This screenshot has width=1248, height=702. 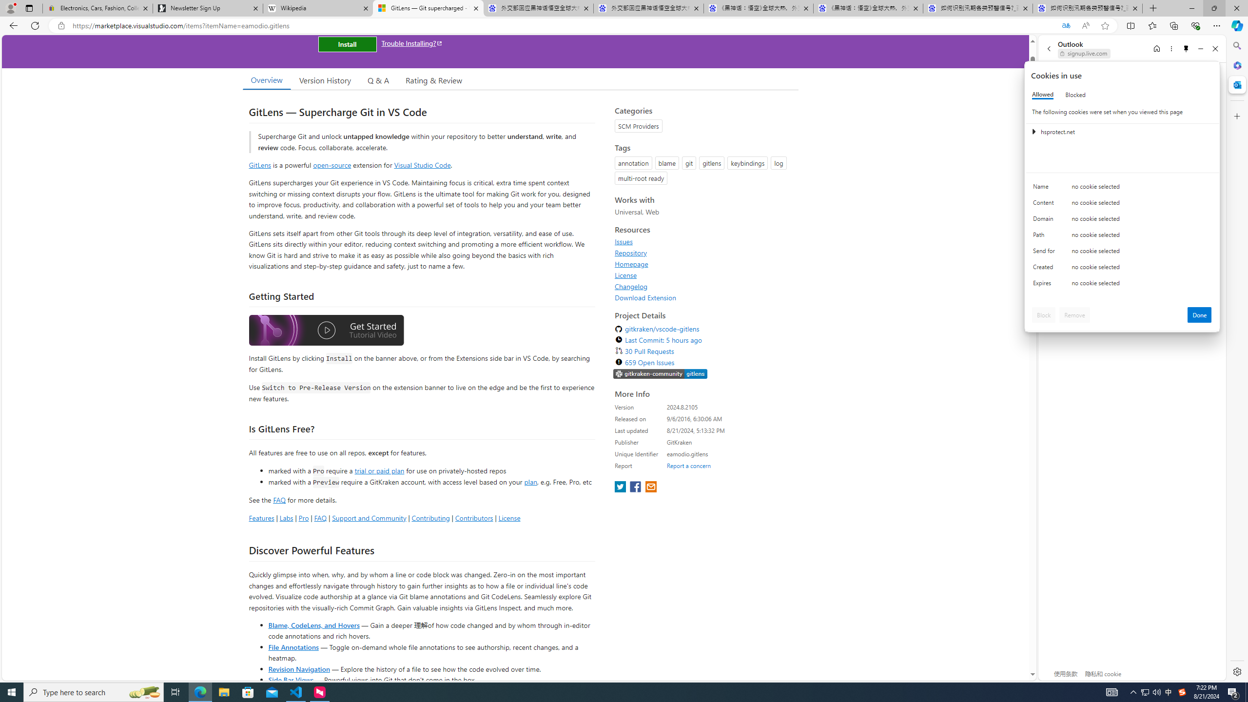 What do you see at coordinates (1045, 188) in the screenshot?
I see `'Name'` at bounding box center [1045, 188].